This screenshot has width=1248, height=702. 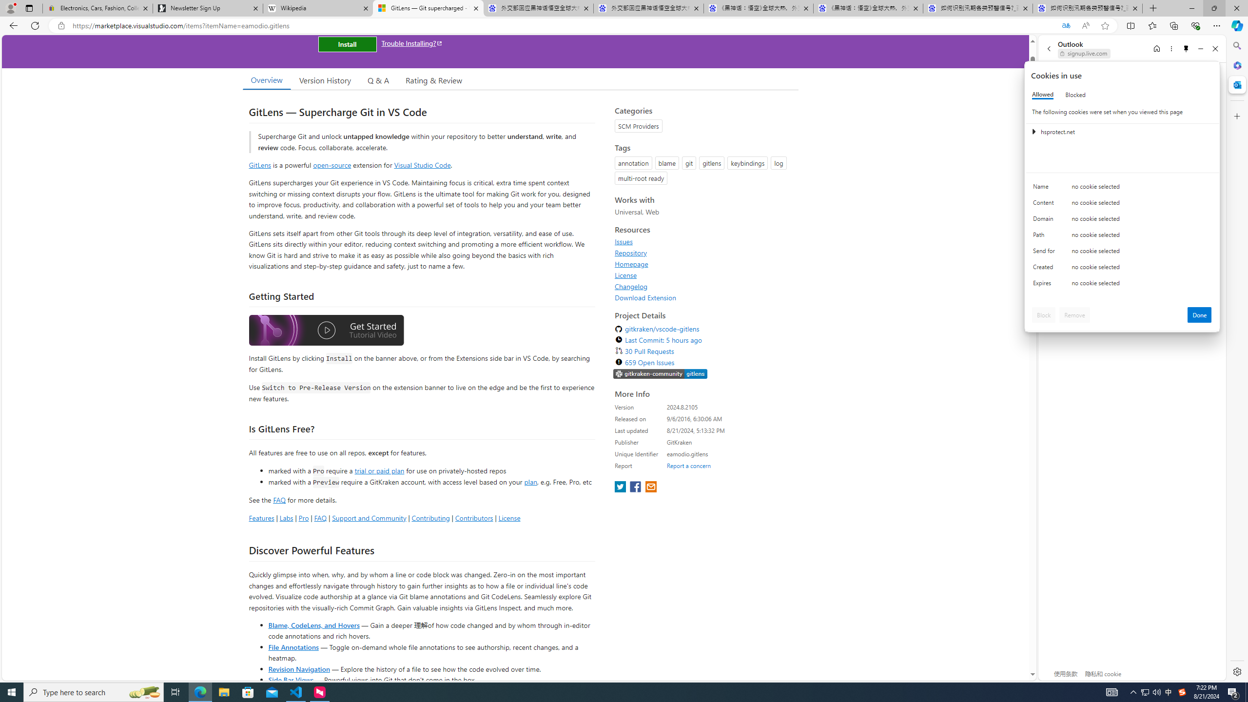 What do you see at coordinates (1045, 188) in the screenshot?
I see `'Name'` at bounding box center [1045, 188].